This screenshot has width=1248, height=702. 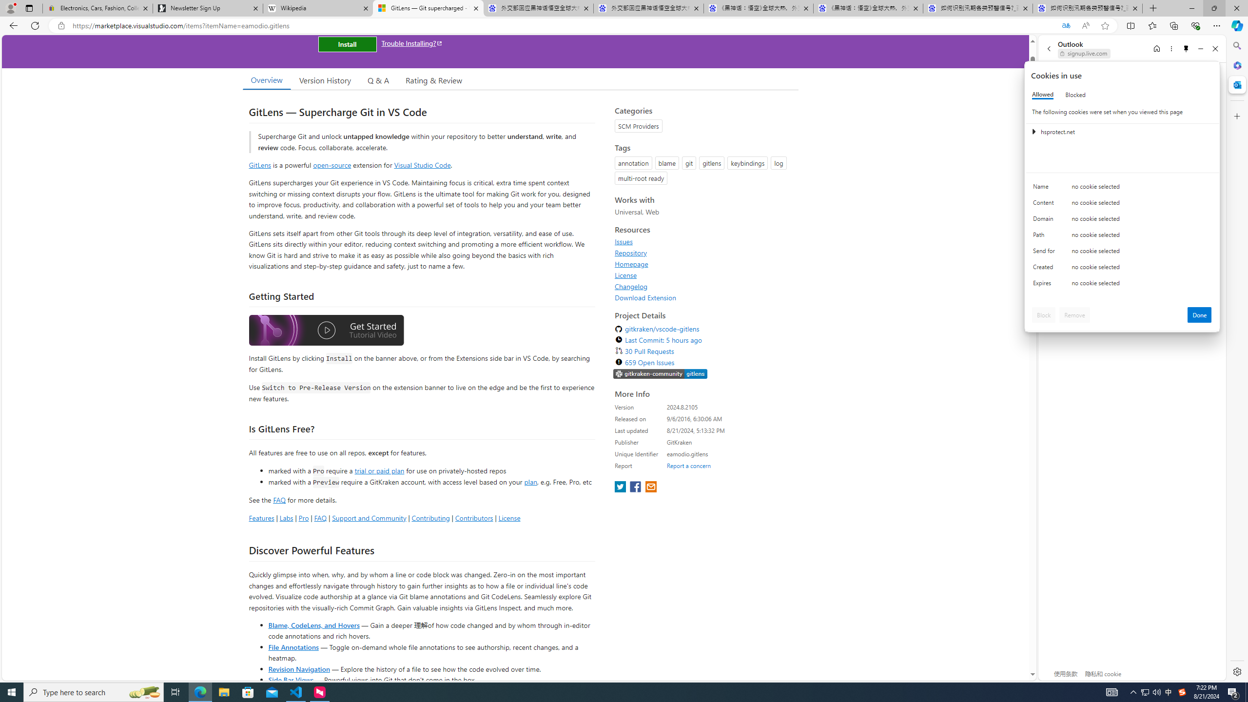 What do you see at coordinates (1045, 188) in the screenshot?
I see `'Name'` at bounding box center [1045, 188].